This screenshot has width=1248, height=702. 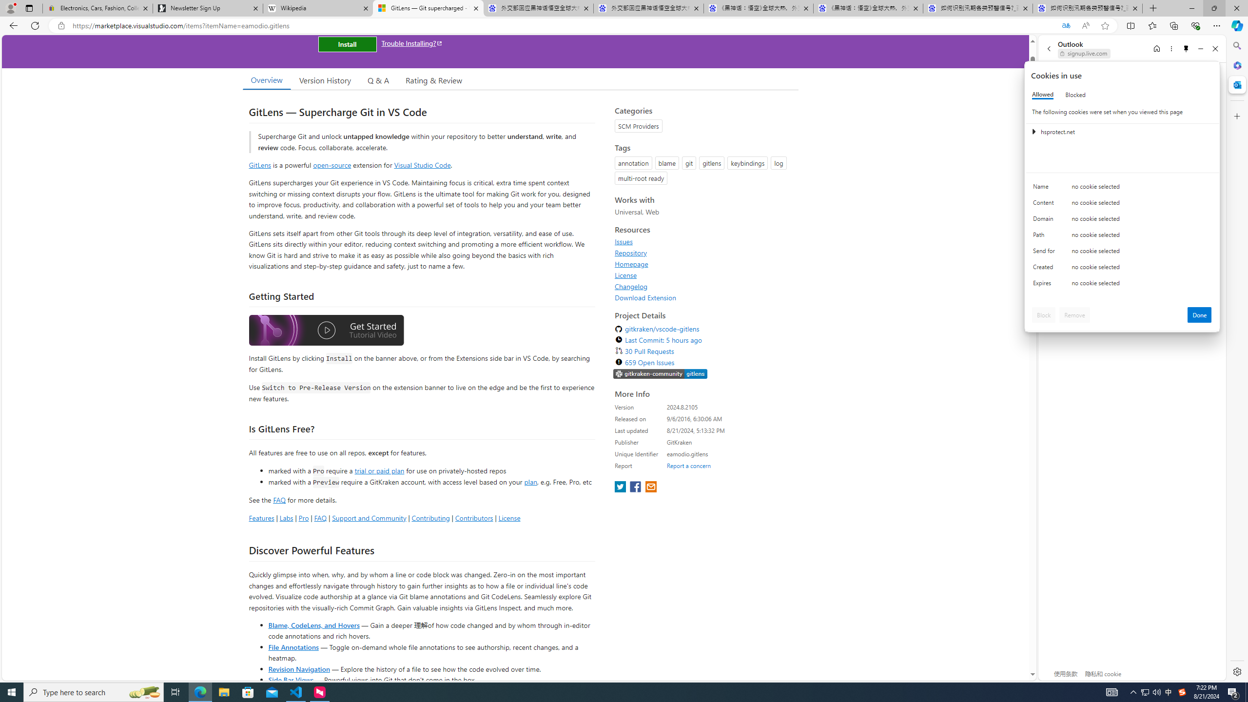 What do you see at coordinates (1045, 188) in the screenshot?
I see `'Name'` at bounding box center [1045, 188].